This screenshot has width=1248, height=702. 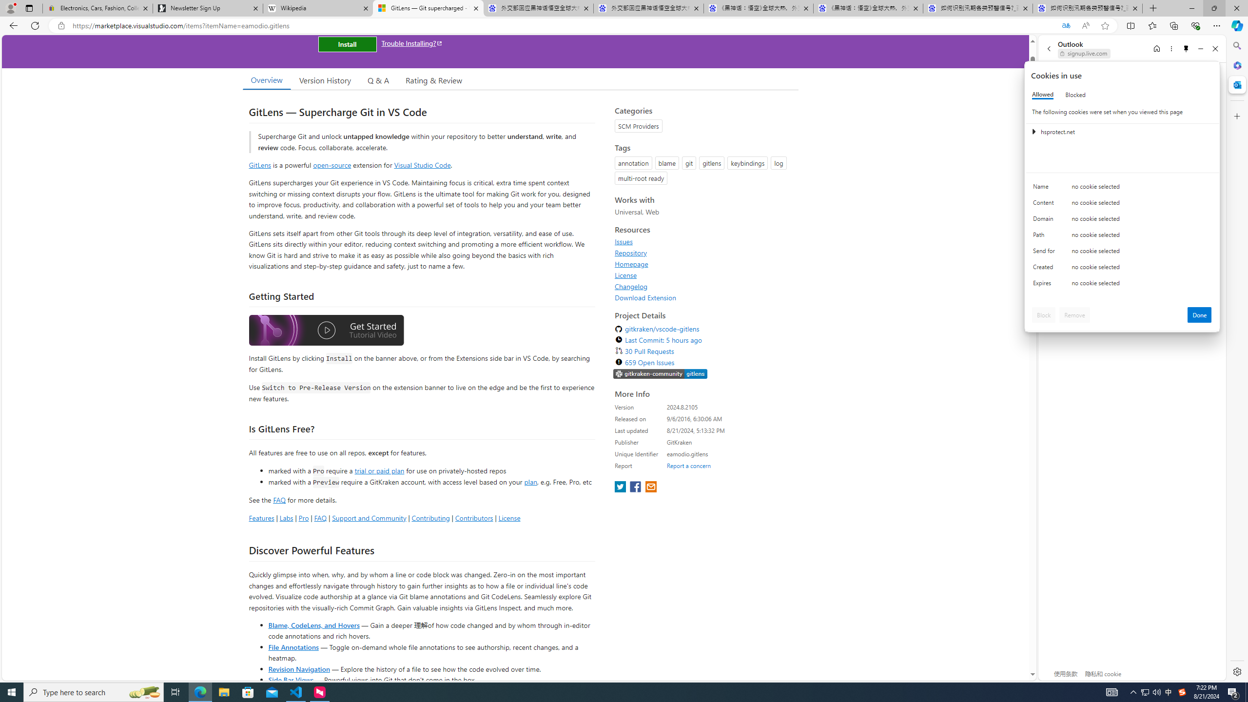 What do you see at coordinates (1045, 188) in the screenshot?
I see `'Name'` at bounding box center [1045, 188].